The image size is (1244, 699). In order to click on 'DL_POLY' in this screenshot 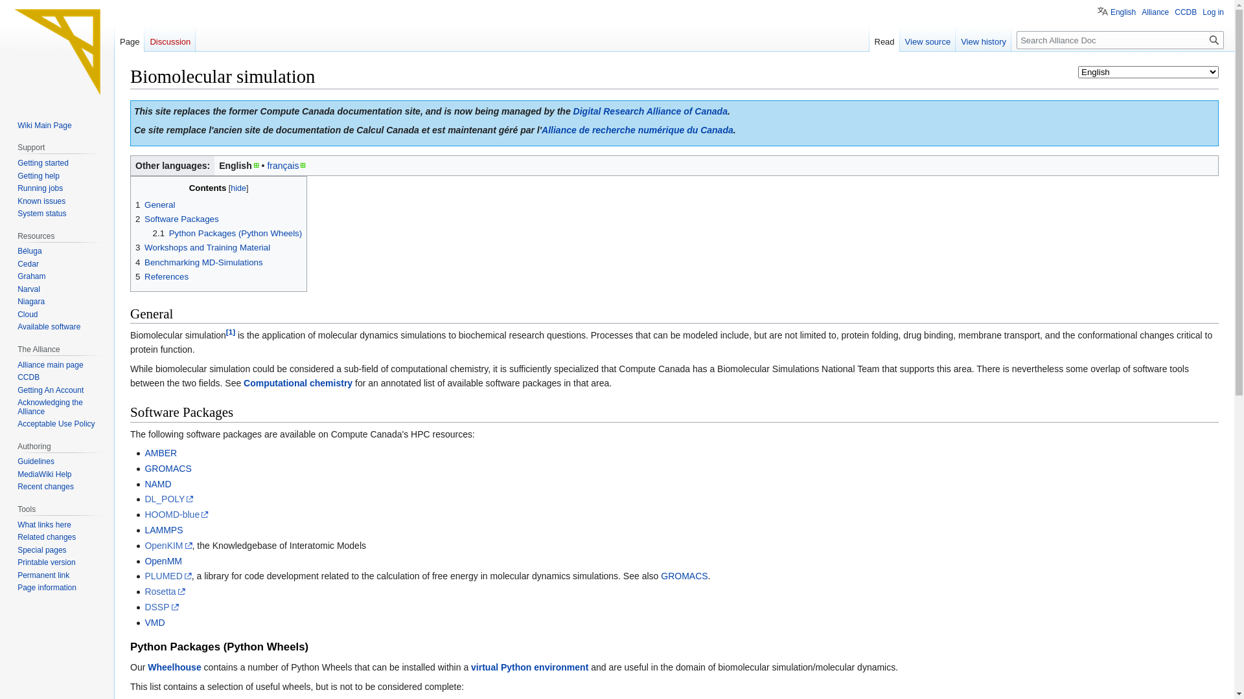, I will do `click(168, 498)`.